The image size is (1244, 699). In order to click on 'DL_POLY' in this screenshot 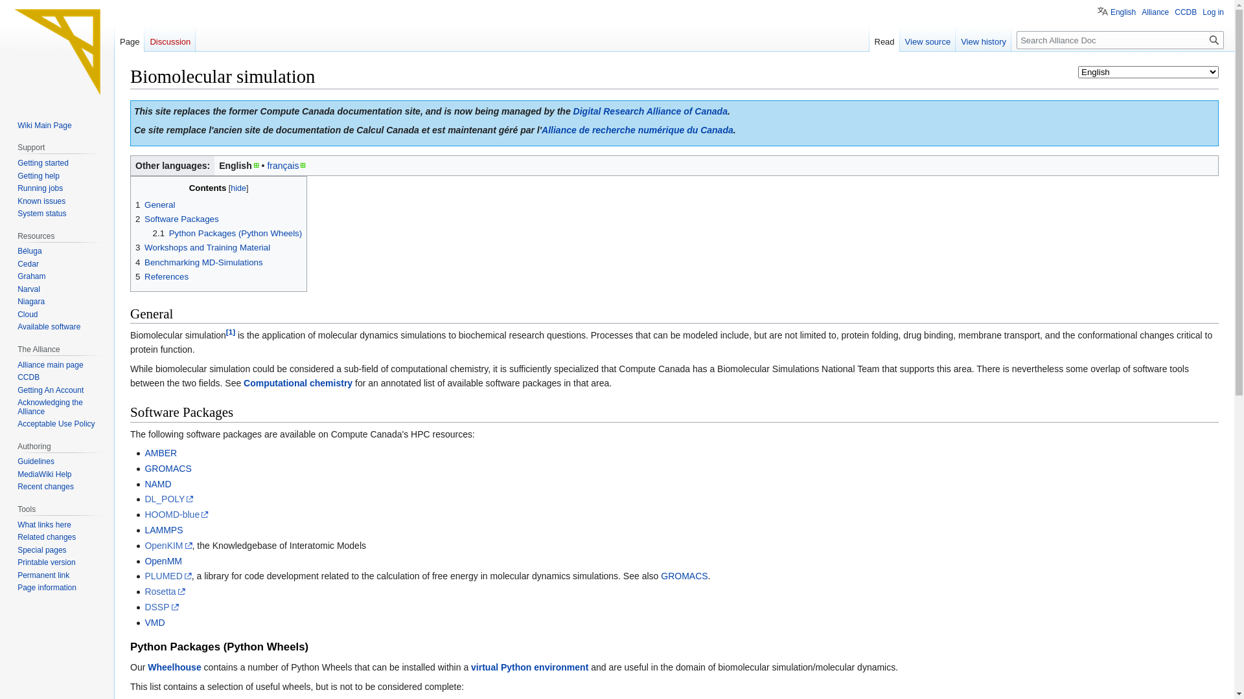, I will do `click(168, 498)`.